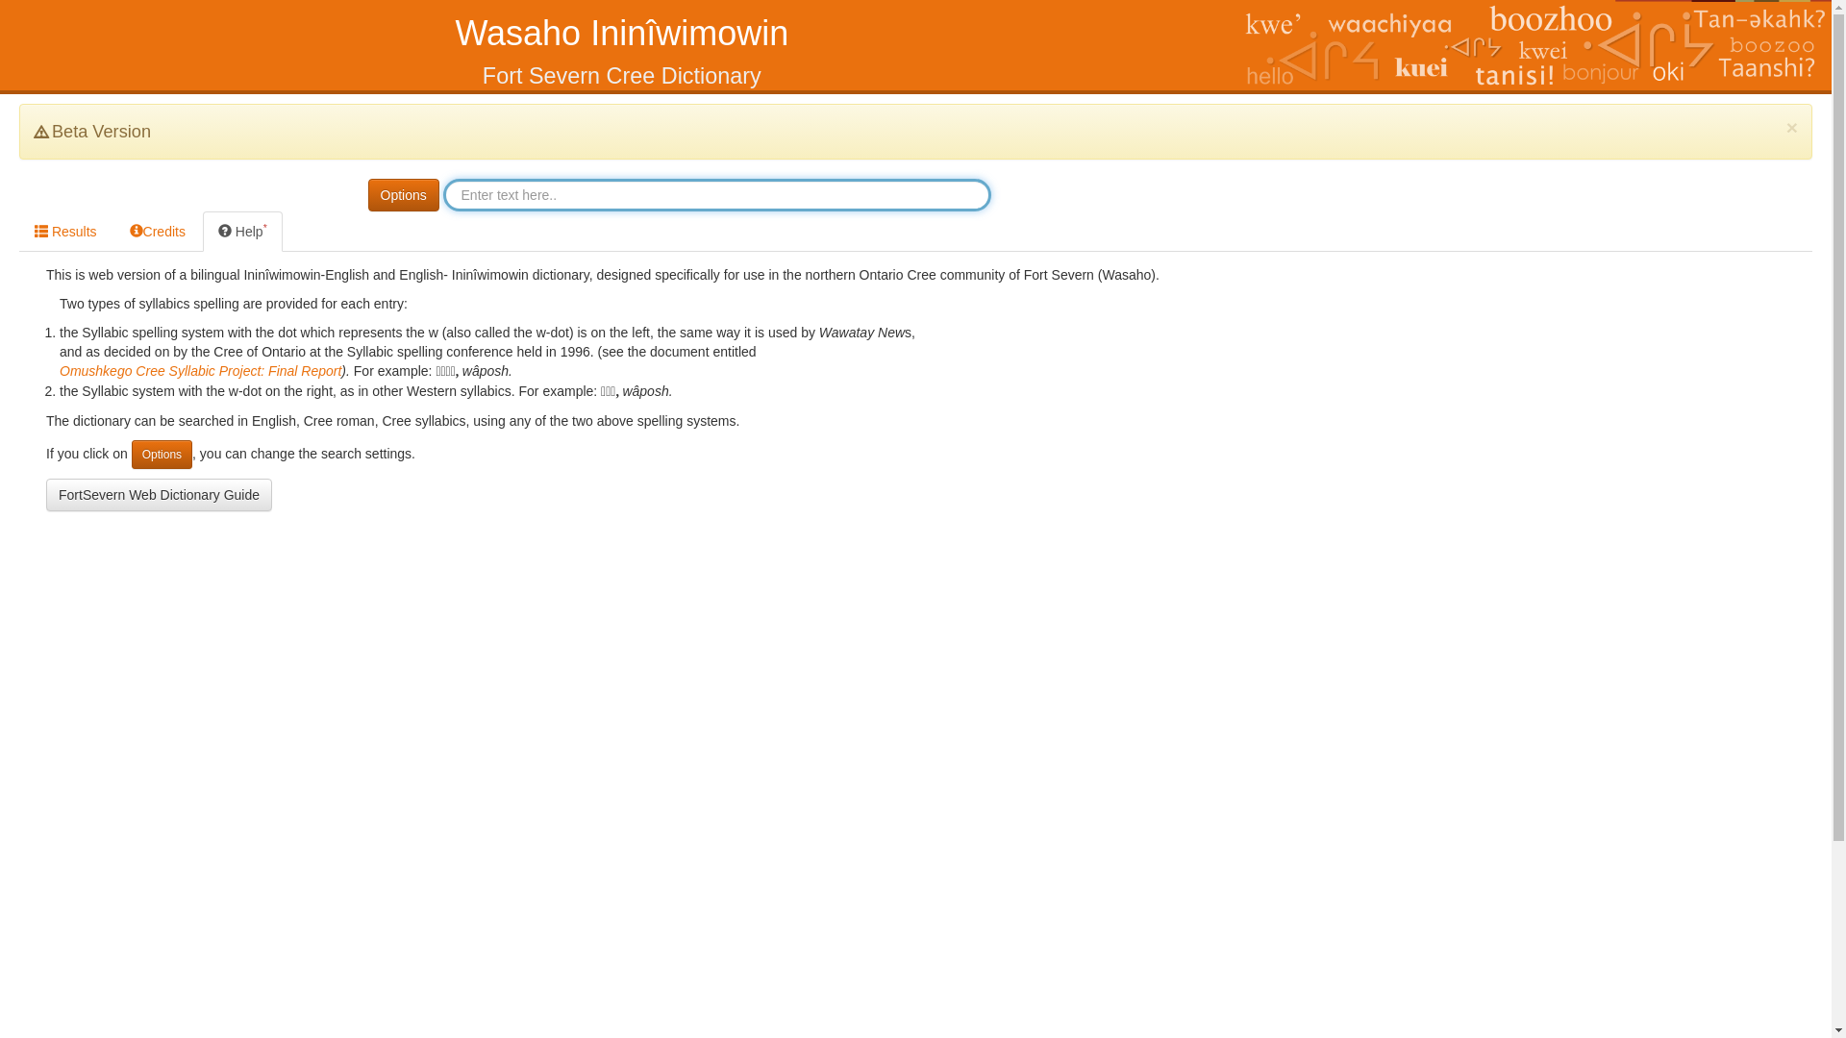  I want to click on 'Credits', so click(157, 230).